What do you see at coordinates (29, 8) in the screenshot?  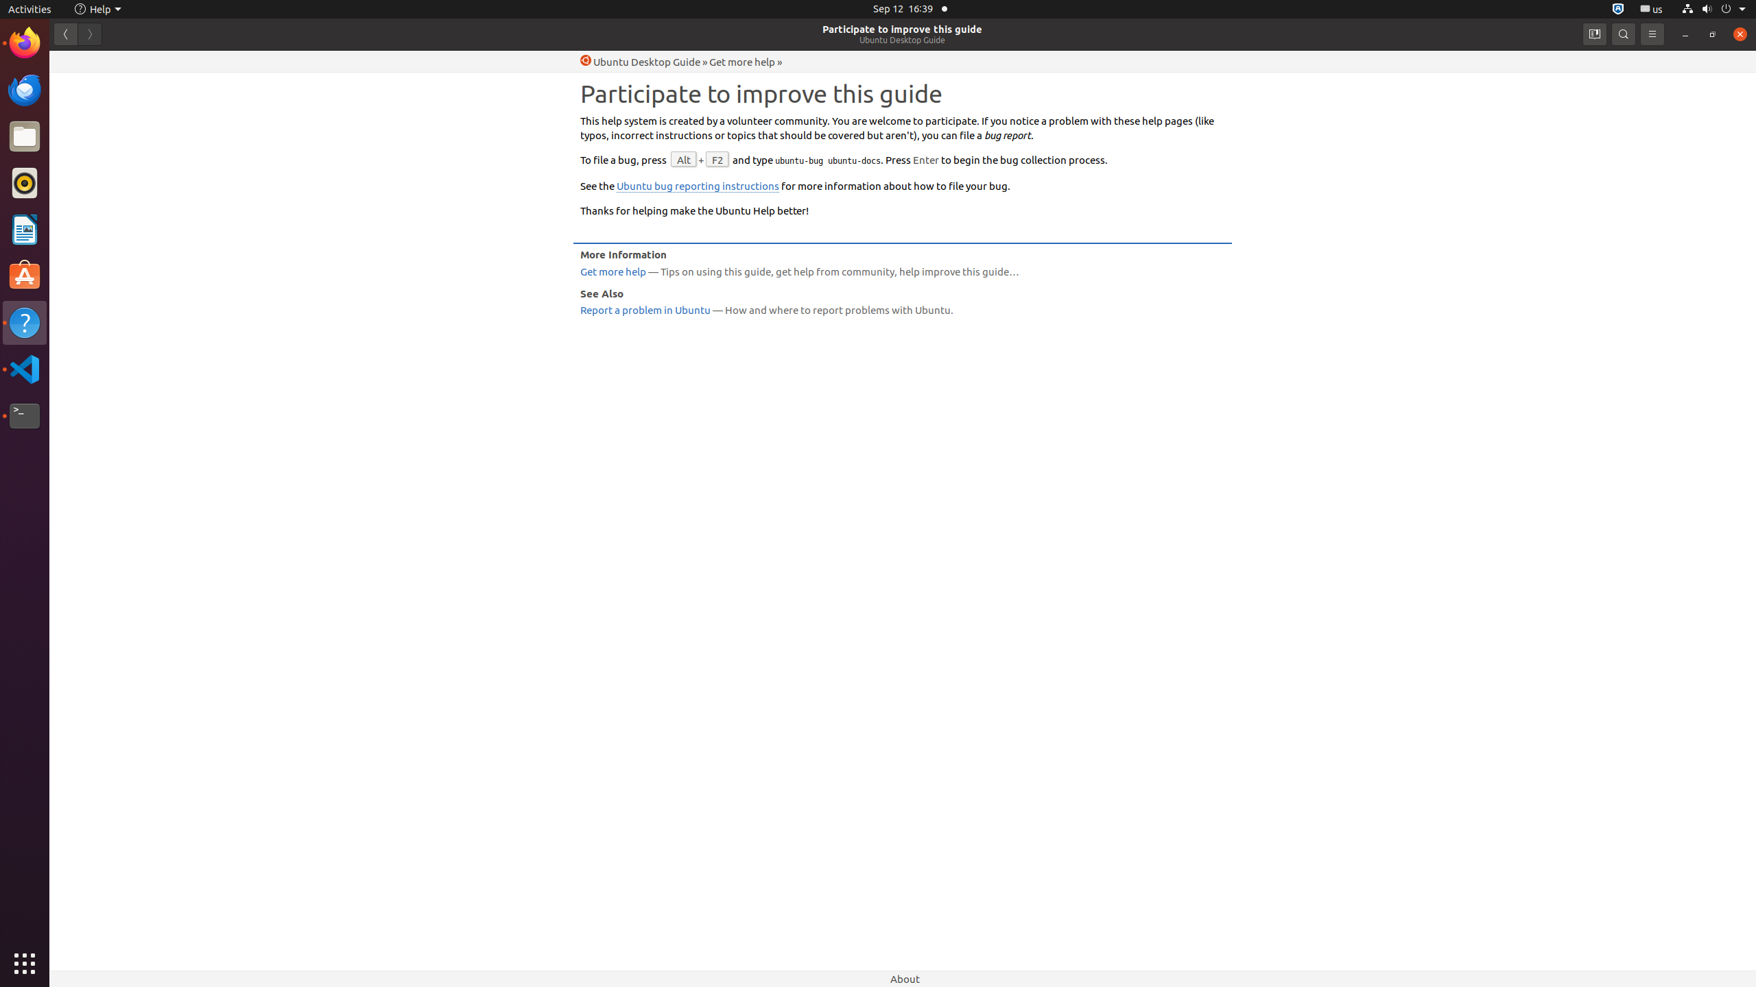 I see `'Activities'` at bounding box center [29, 8].